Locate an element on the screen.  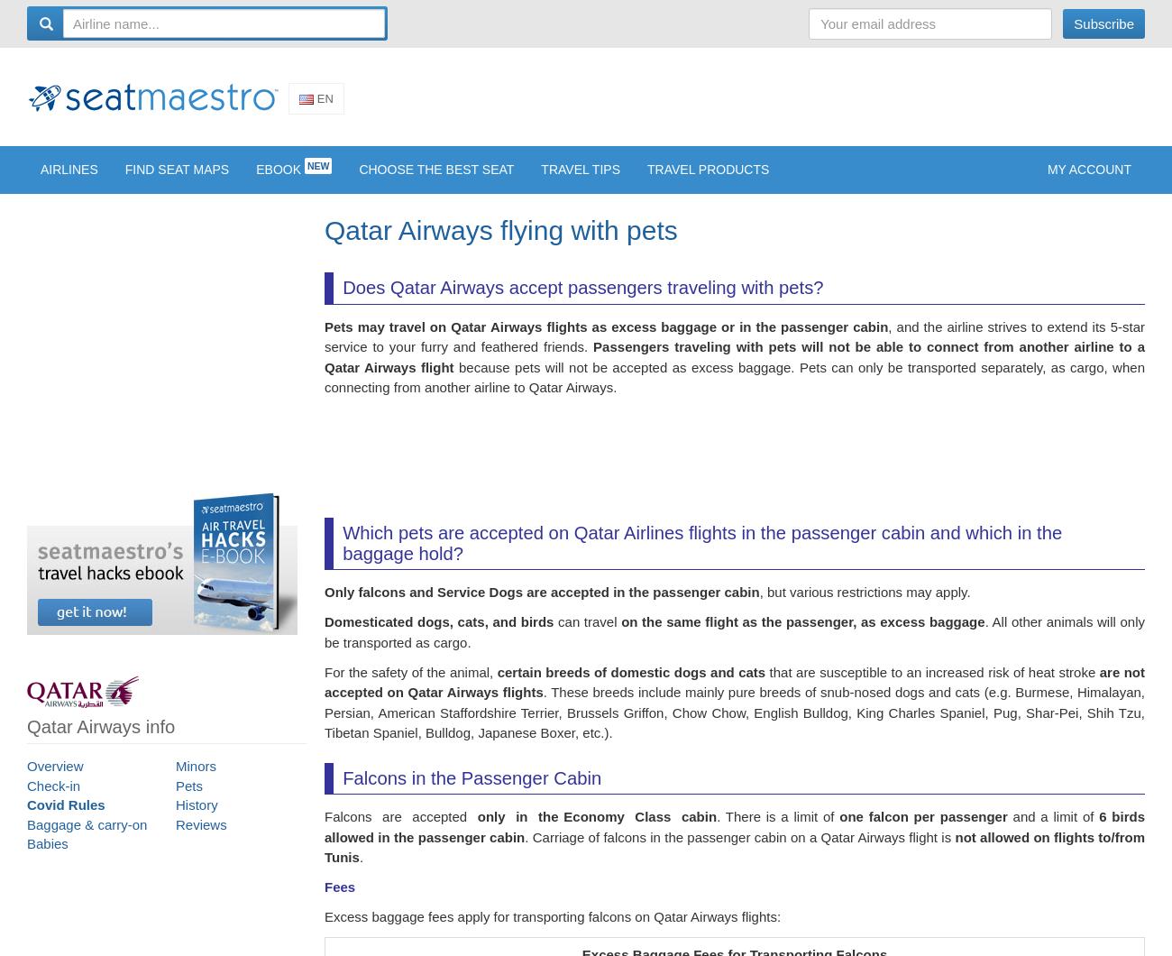
'Overview' is located at coordinates (26, 777).